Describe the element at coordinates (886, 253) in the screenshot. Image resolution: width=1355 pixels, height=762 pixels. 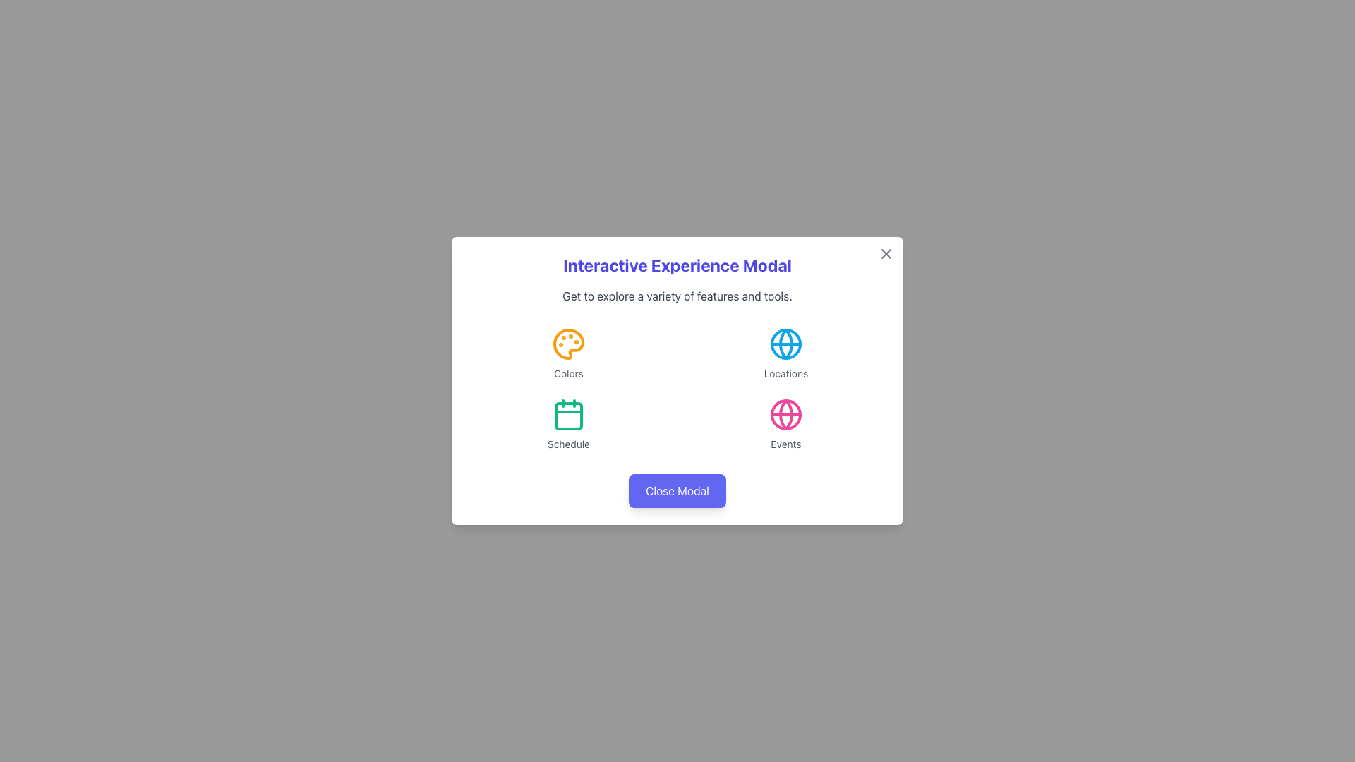
I see `the close button located in the top-right corner of the modal window to interact with it` at that location.